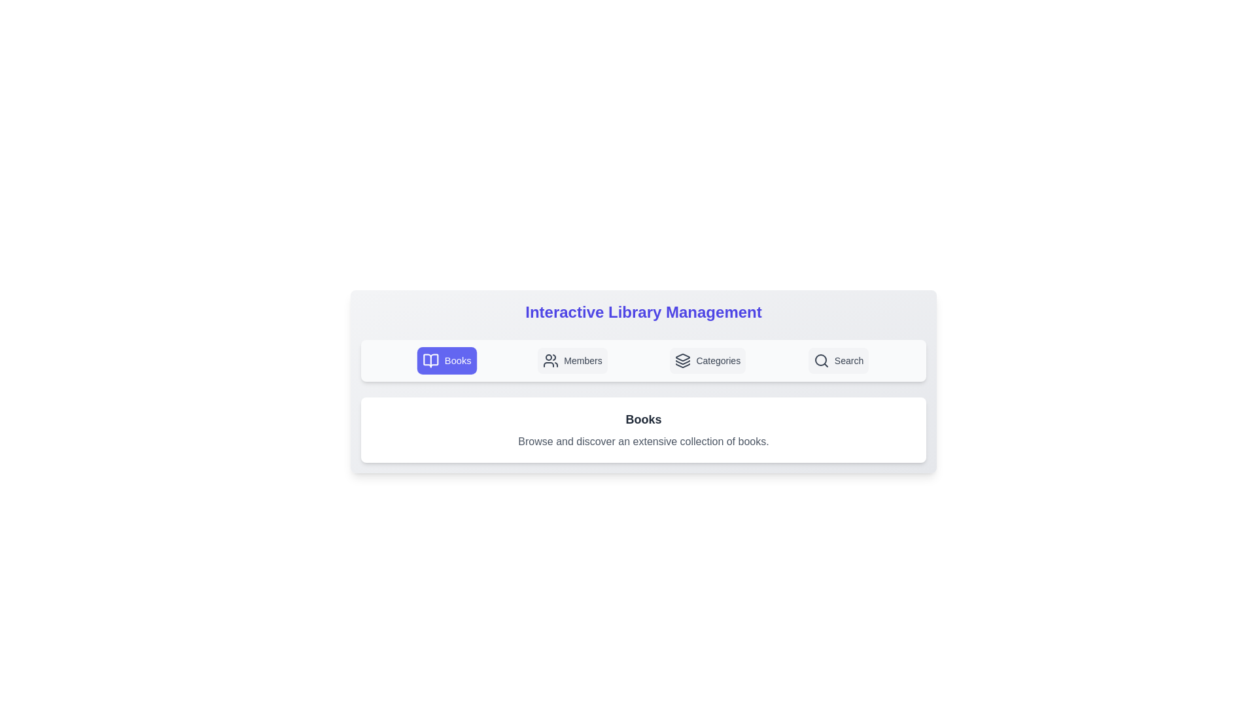 This screenshot has height=706, width=1256. What do you see at coordinates (572, 360) in the screenshot?
I see `the 'Members' Navigation Button, which features a user group icon and is located between the 'Books' and 'Categories' buttons in the horizontal navigation bar` at bounding box center [572, 360].